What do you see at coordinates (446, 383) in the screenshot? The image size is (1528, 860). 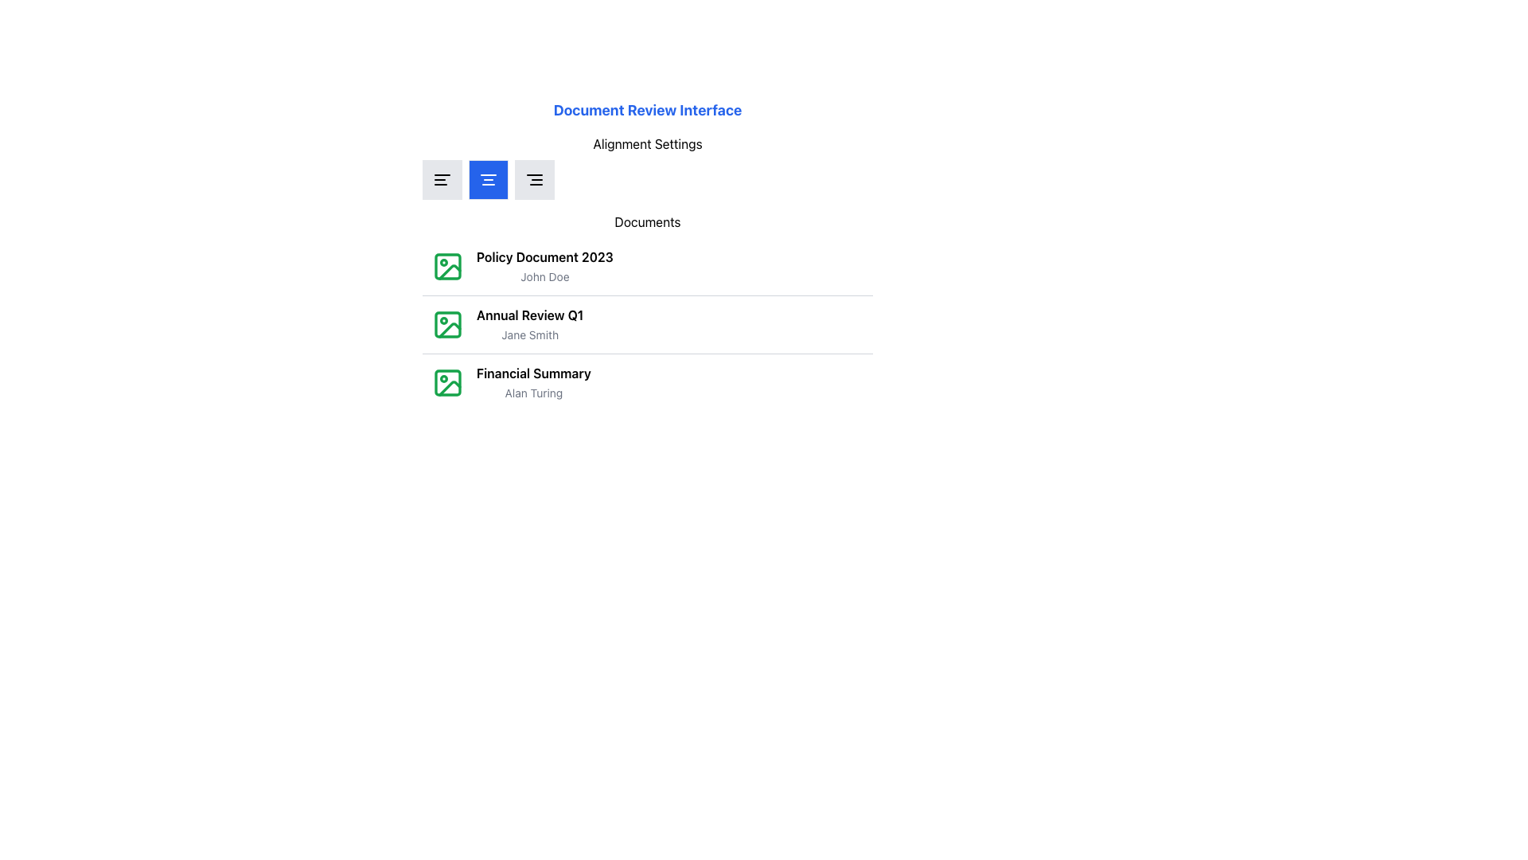 I see `the green icon located to the left of the text 'Financial Summary' and 'Alan Turing'` at bounding box center [446, 383].